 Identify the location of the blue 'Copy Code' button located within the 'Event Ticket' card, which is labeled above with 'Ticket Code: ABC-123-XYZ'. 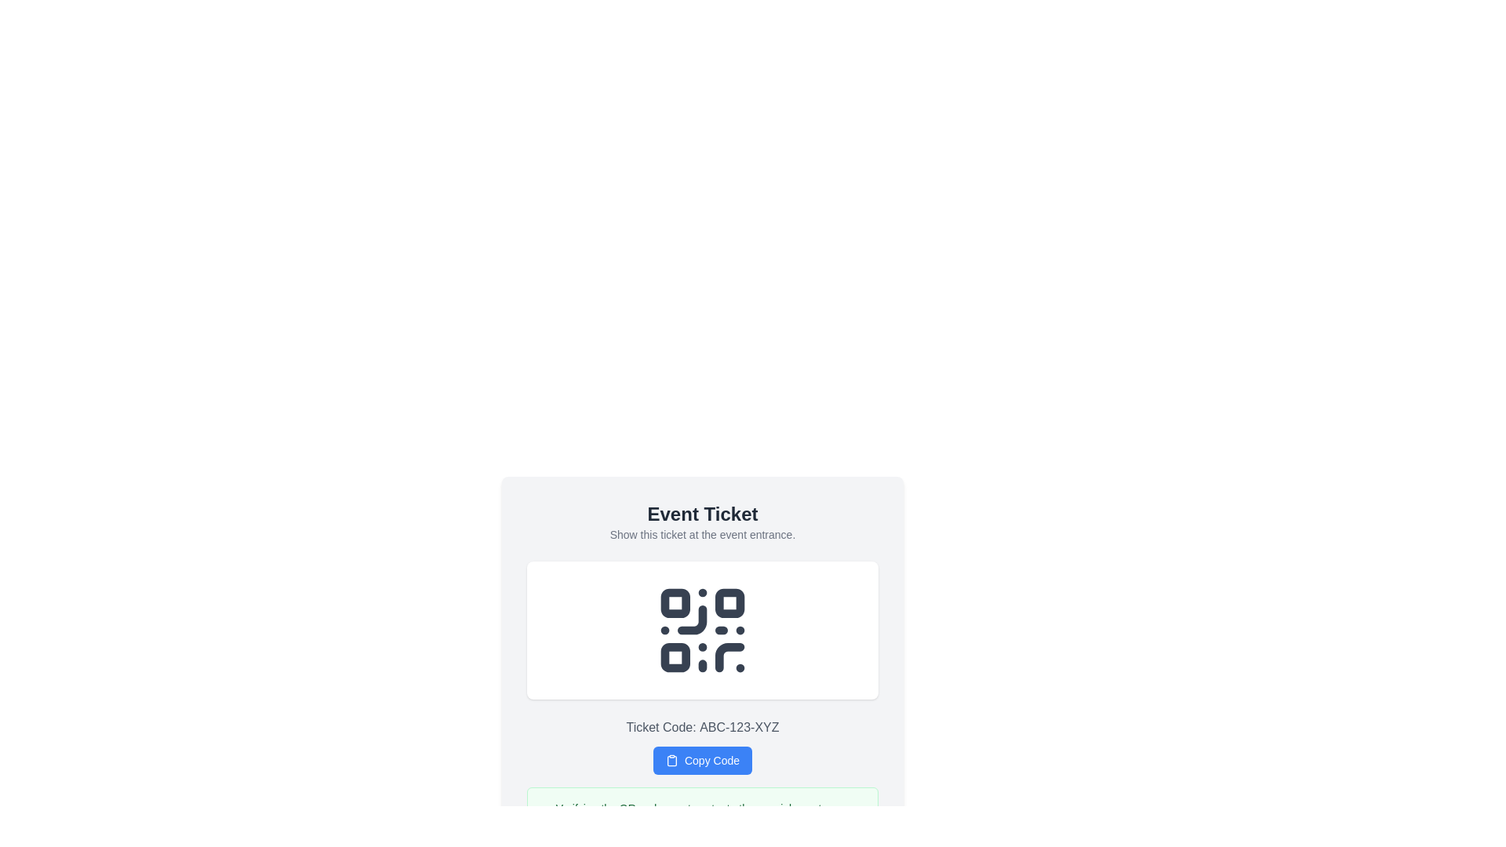
(702, 746).